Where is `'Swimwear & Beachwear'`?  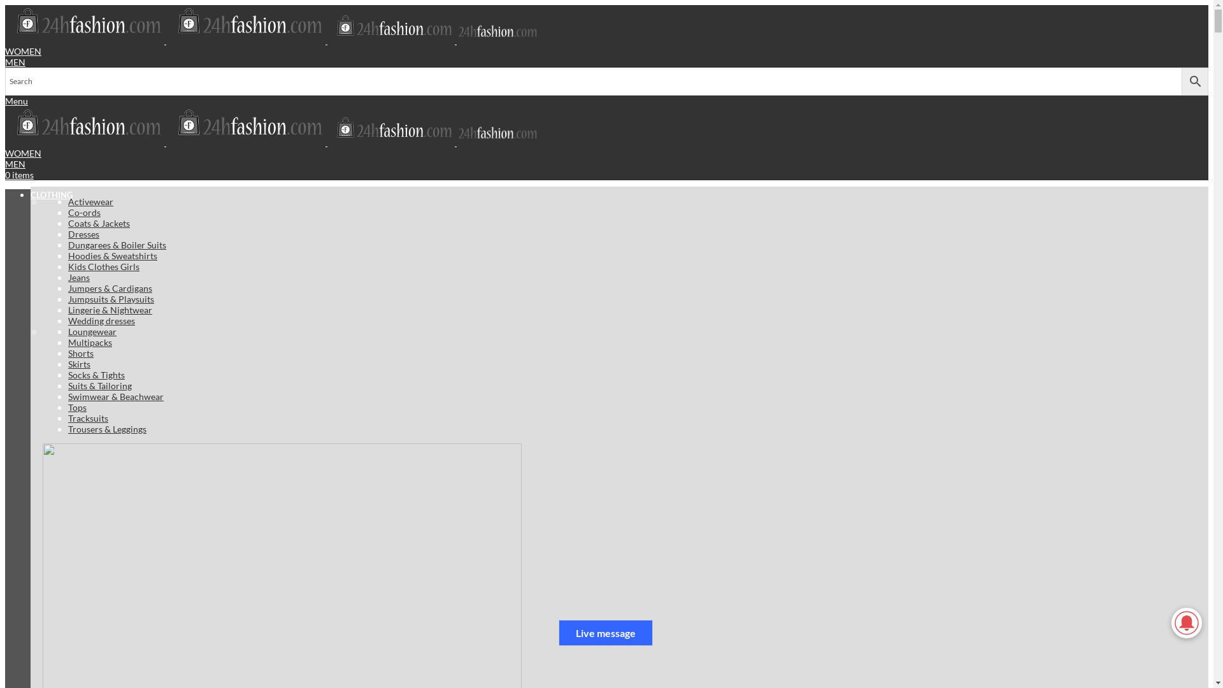 'Swimwear & Beachwear' is located at coordinates (116, 396).